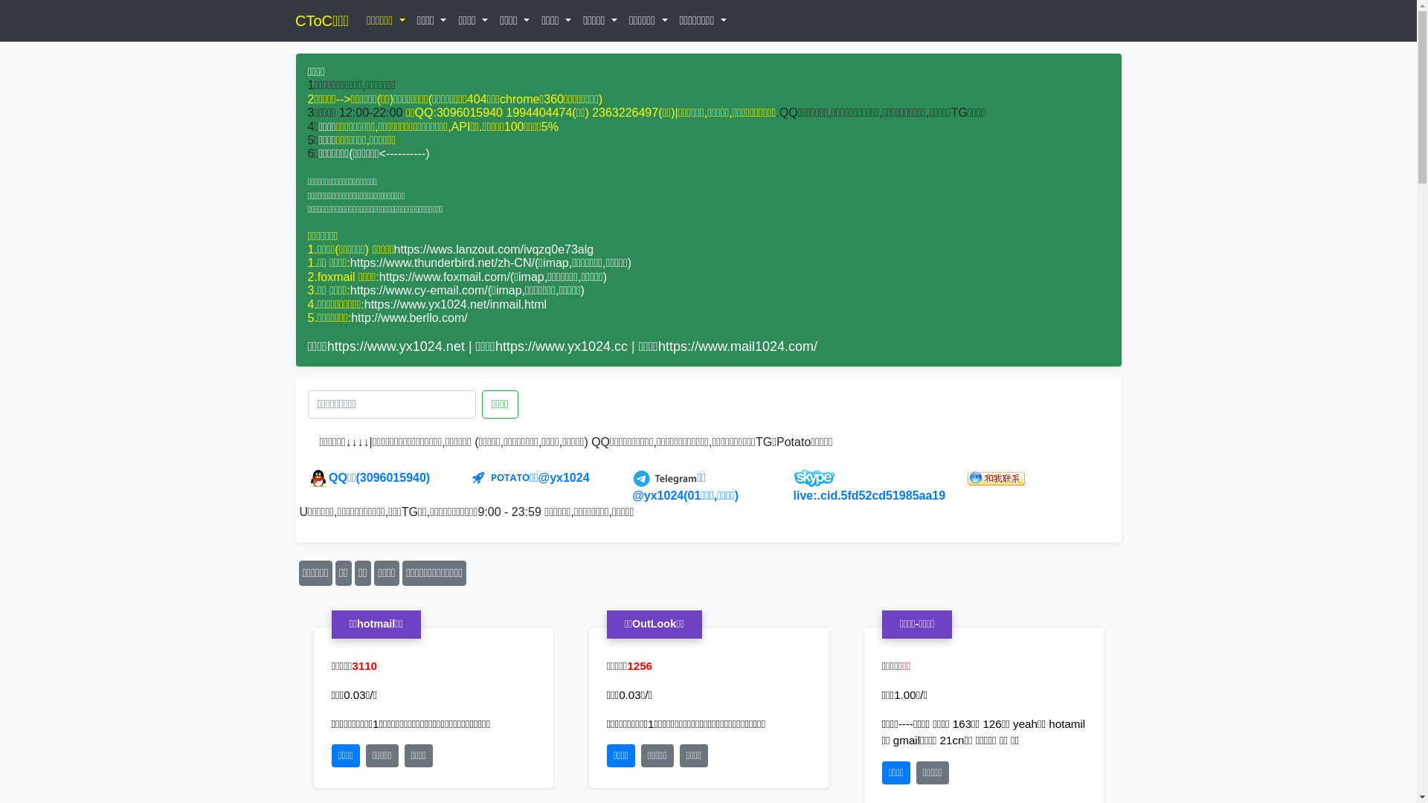 This screenshot has width=1428, height=803. What do you see at coordinates (639, 665) in the screenshot?
I see `'1258'` at bounding box center [639, 665].